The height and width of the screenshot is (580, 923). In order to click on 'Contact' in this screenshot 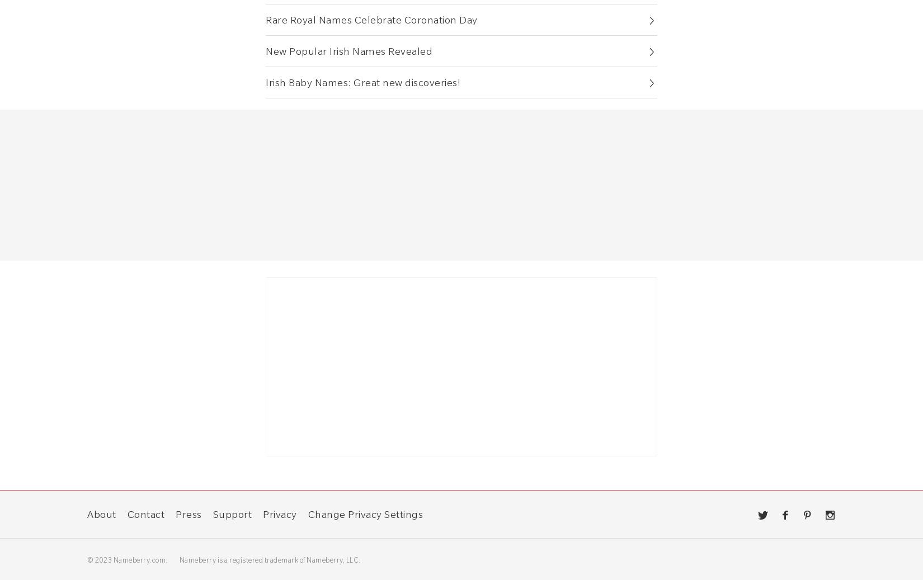, I will do `click(145, 513)`.